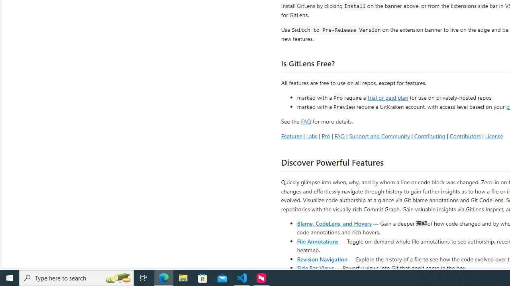 The width and height of the screenshot is (510, 286). I want to click on 'Revision Navigation', so click(322, 259).